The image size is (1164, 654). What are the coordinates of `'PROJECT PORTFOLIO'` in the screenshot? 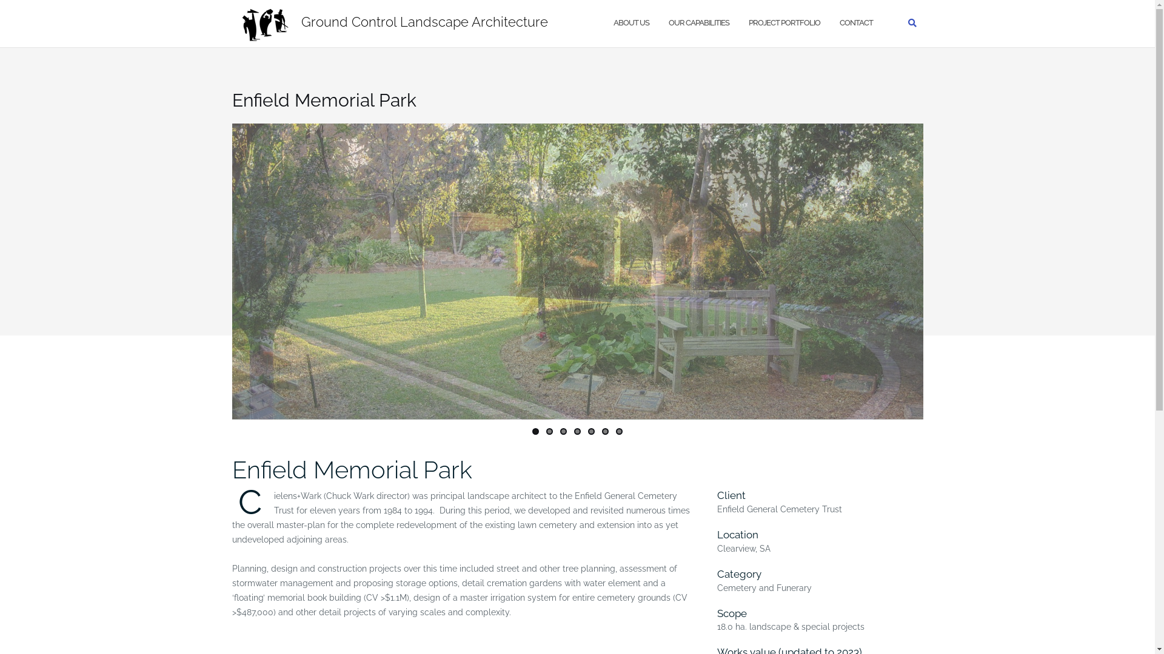 It's located at (783, 23).